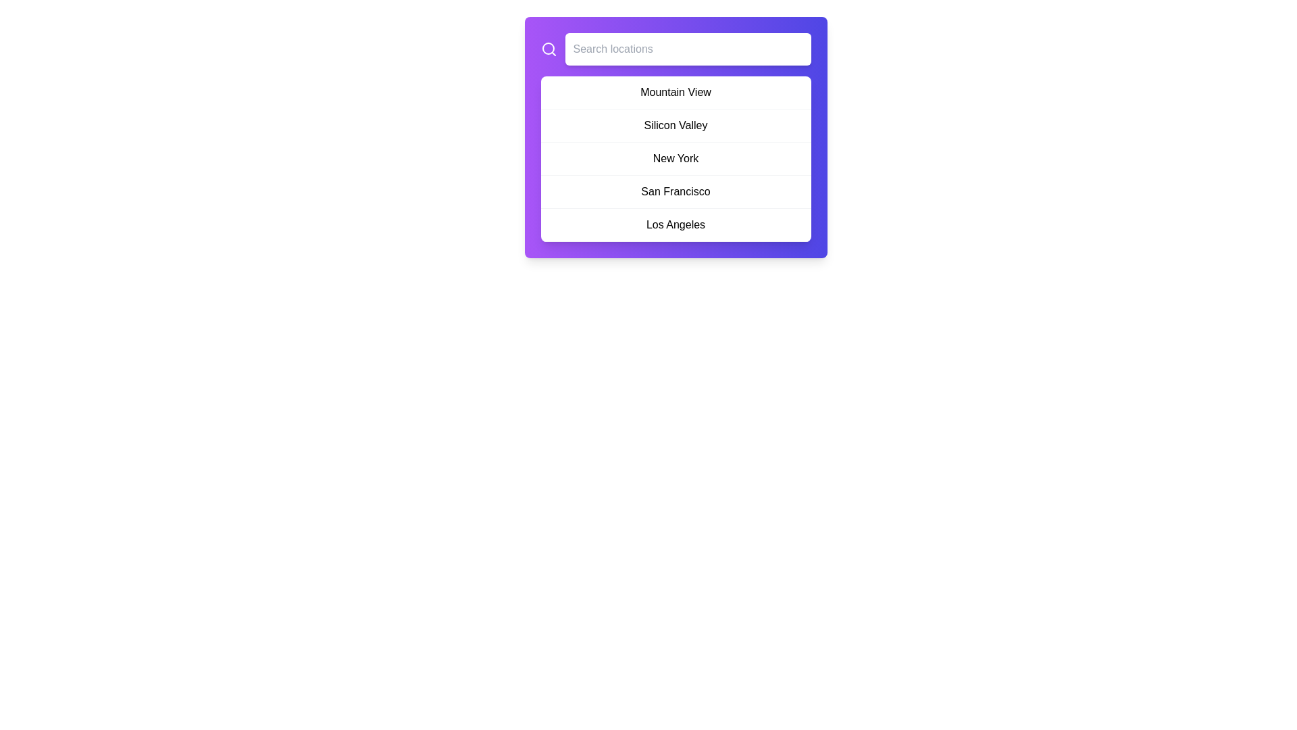 The height and width of the screenshot is (730, 1297). What do you see at coordinates (676, 158) in the screenshot?
I see `the List element containing multiple location names (Mountain View, Silicon Valley, New York, San Francisco, and Los Angeles) with a white background and rounded border, located centrally under the search bar` at bounding box center [676, 158].